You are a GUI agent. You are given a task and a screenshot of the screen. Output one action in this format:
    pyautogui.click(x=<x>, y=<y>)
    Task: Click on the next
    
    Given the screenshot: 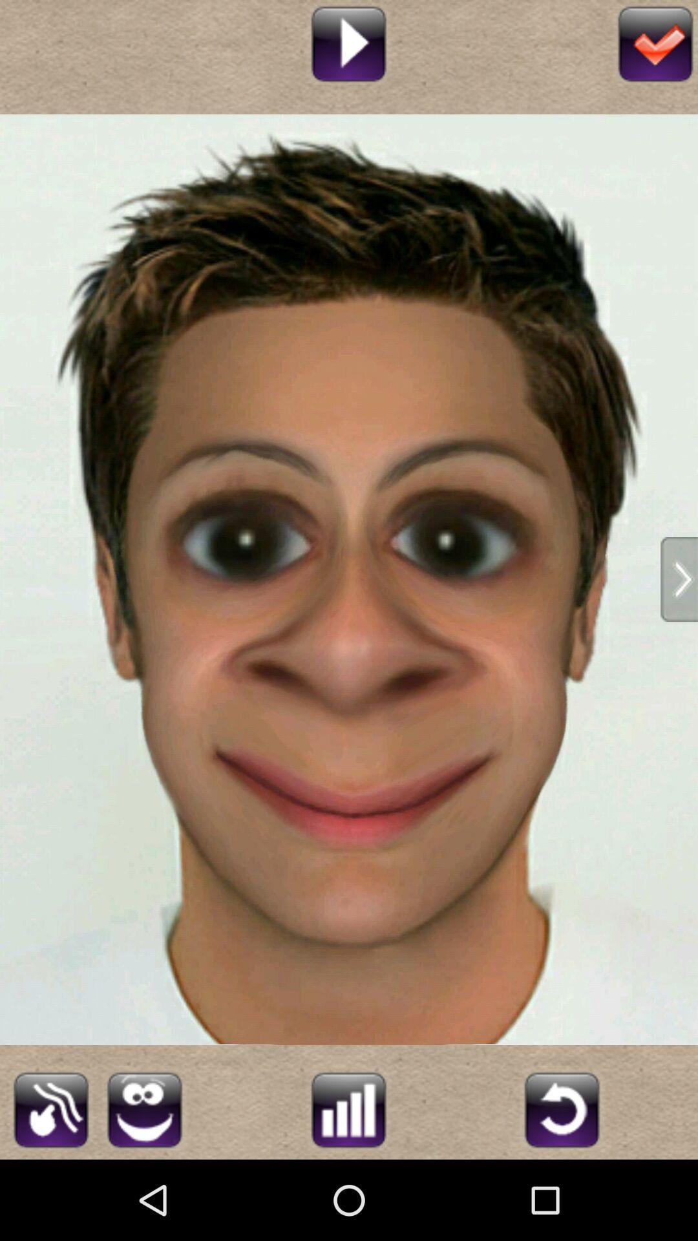 What is the action you would take?
    pyautogui.click(x=679, y=578)
    